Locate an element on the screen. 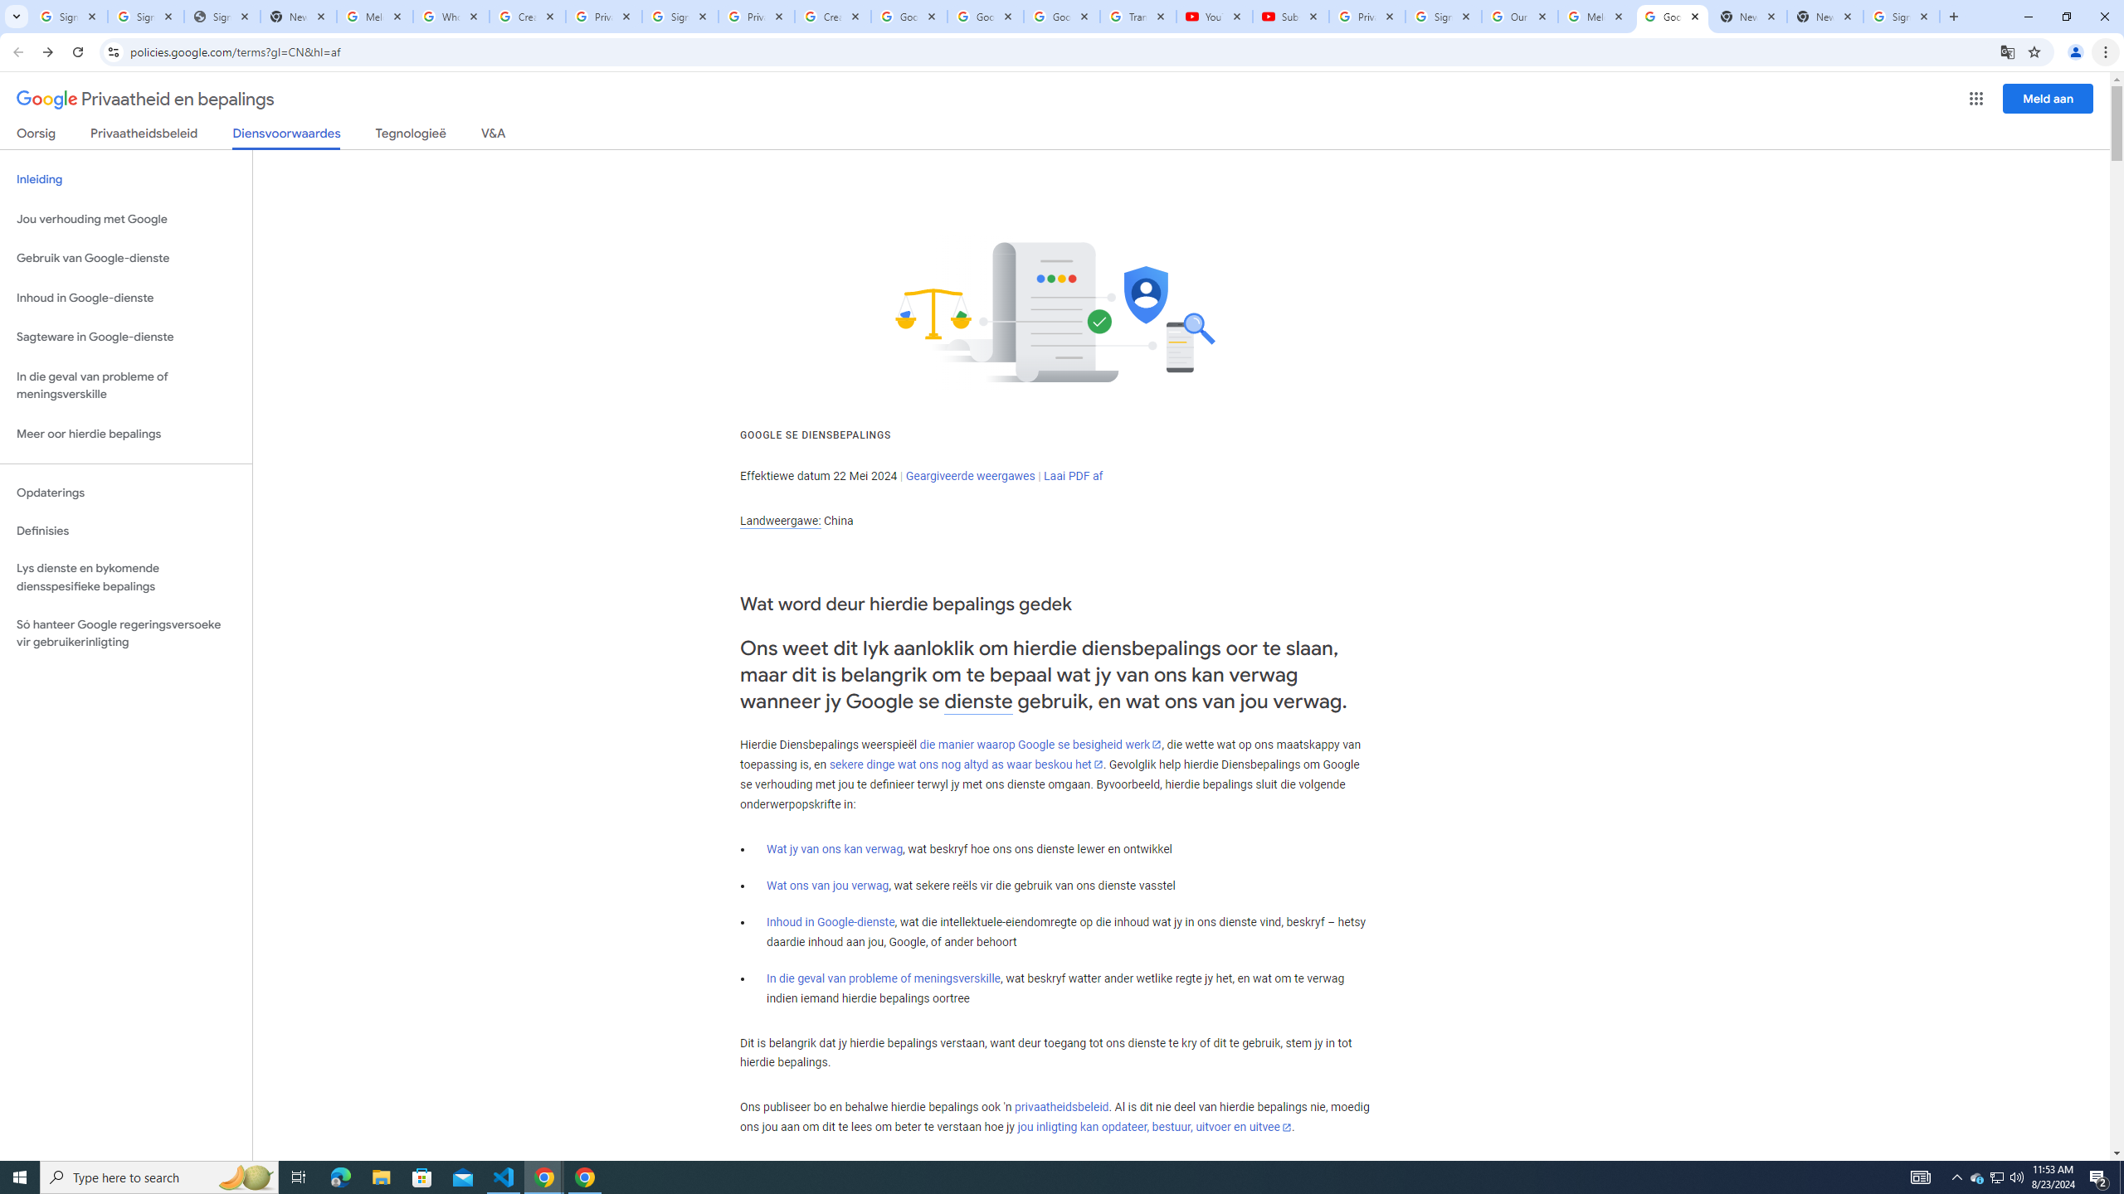 The width and height of the screenshot is (2124, 1194). 'V&A' is located at coordinates (491, 136).